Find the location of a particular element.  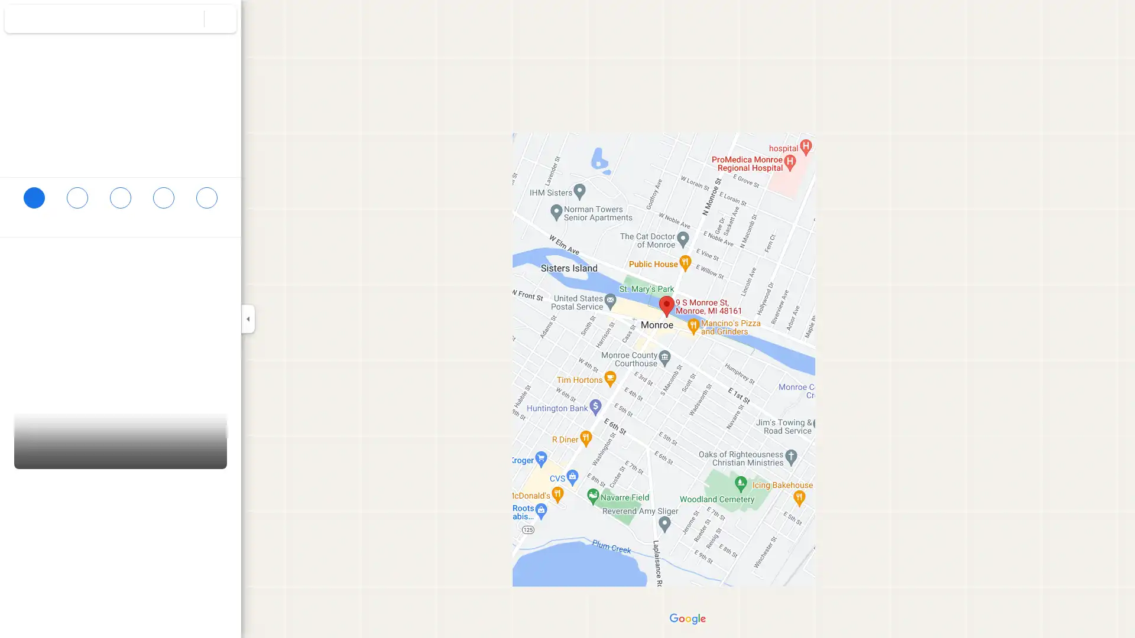

Learn more about plus codes is located at coordinates (226, 282).